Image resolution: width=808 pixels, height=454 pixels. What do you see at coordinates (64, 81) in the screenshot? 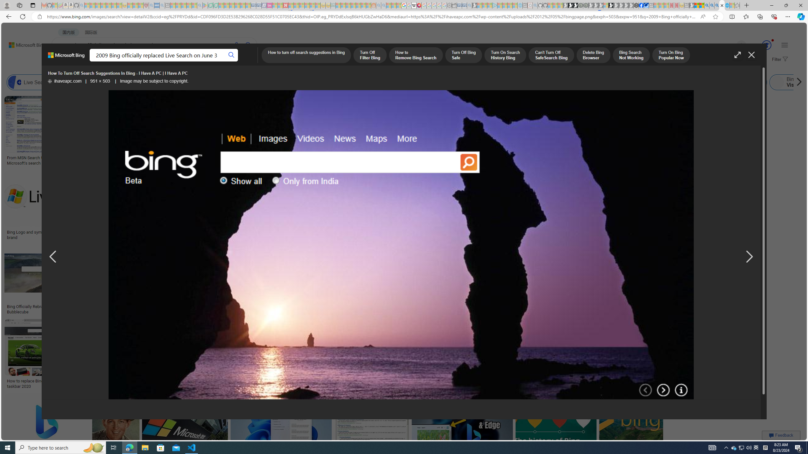
I see `'ihaveapc.com'` at bounding box center [64, 81].